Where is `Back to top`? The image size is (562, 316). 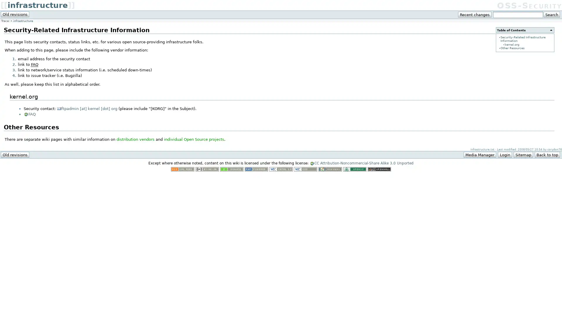 Back to top is located at coordinates (547, 154).